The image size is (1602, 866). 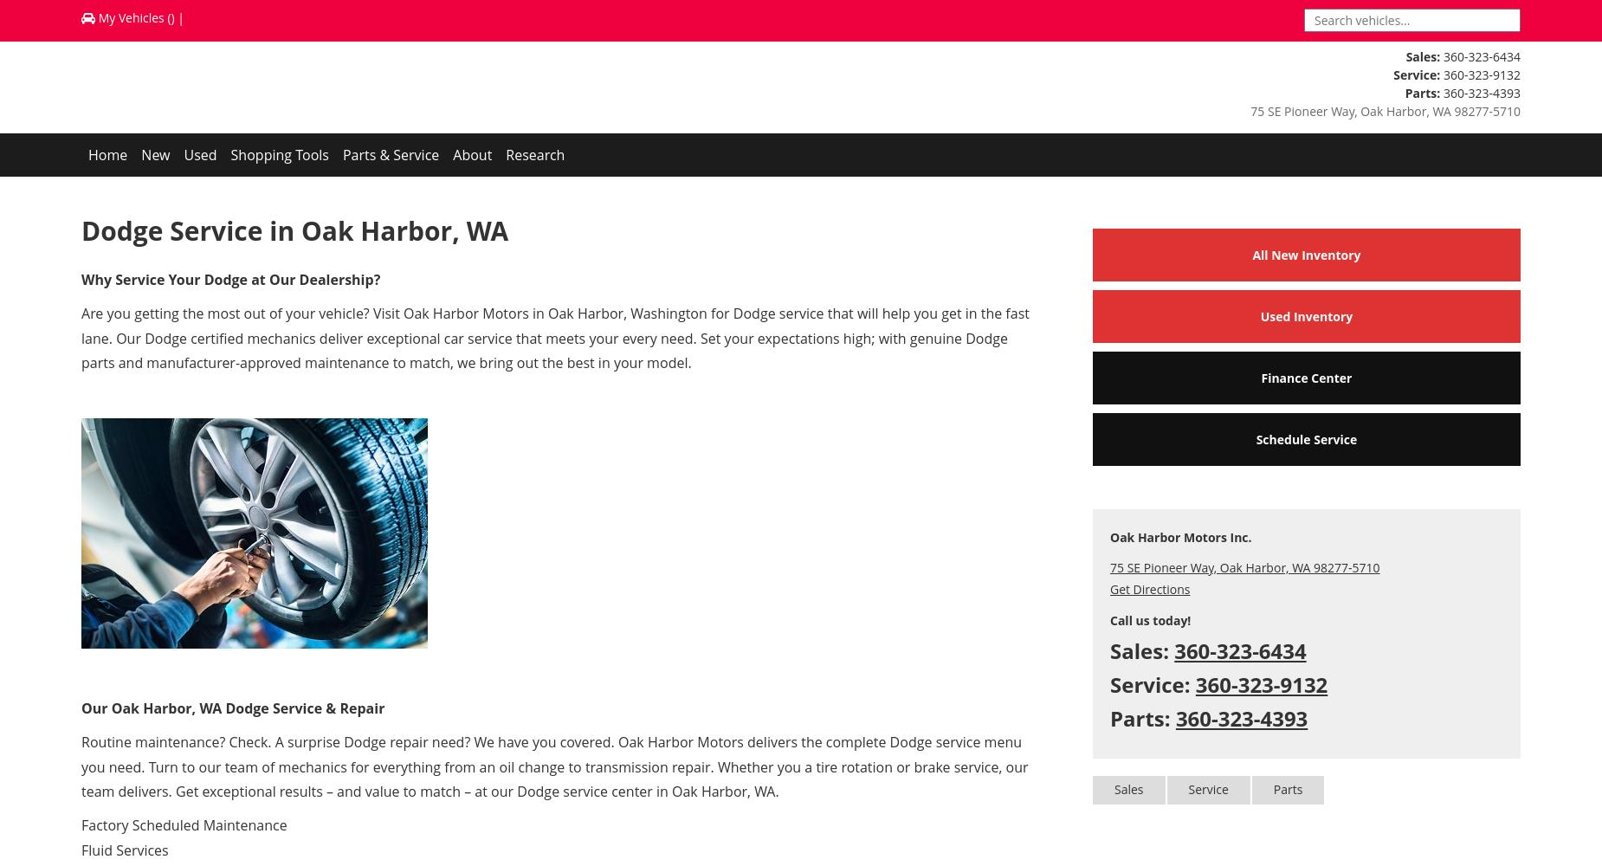 I want to click on 'Our Oak Harbor, WA Dodge Service & Repair', so click(x=231, y=707).